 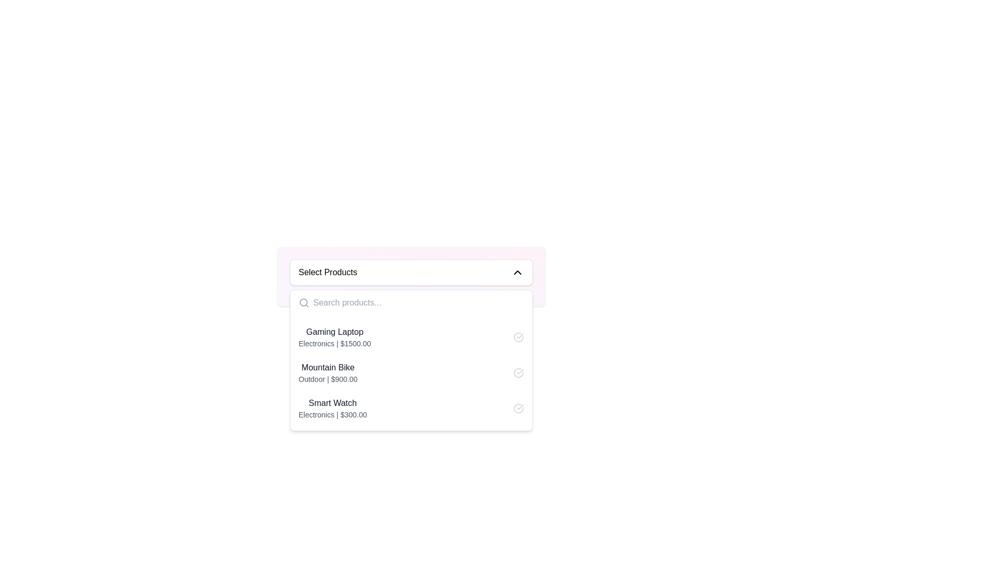 What do you see at coordinates (334, 343) in the screenshot?
I see `the static text label reading 'Electronics | $1500.00', which is styled with a small gray font and appears below the bold 'Gaming Laptop' text in the dropdown menu under 'Select Products'` at bounding box center [334, 343].